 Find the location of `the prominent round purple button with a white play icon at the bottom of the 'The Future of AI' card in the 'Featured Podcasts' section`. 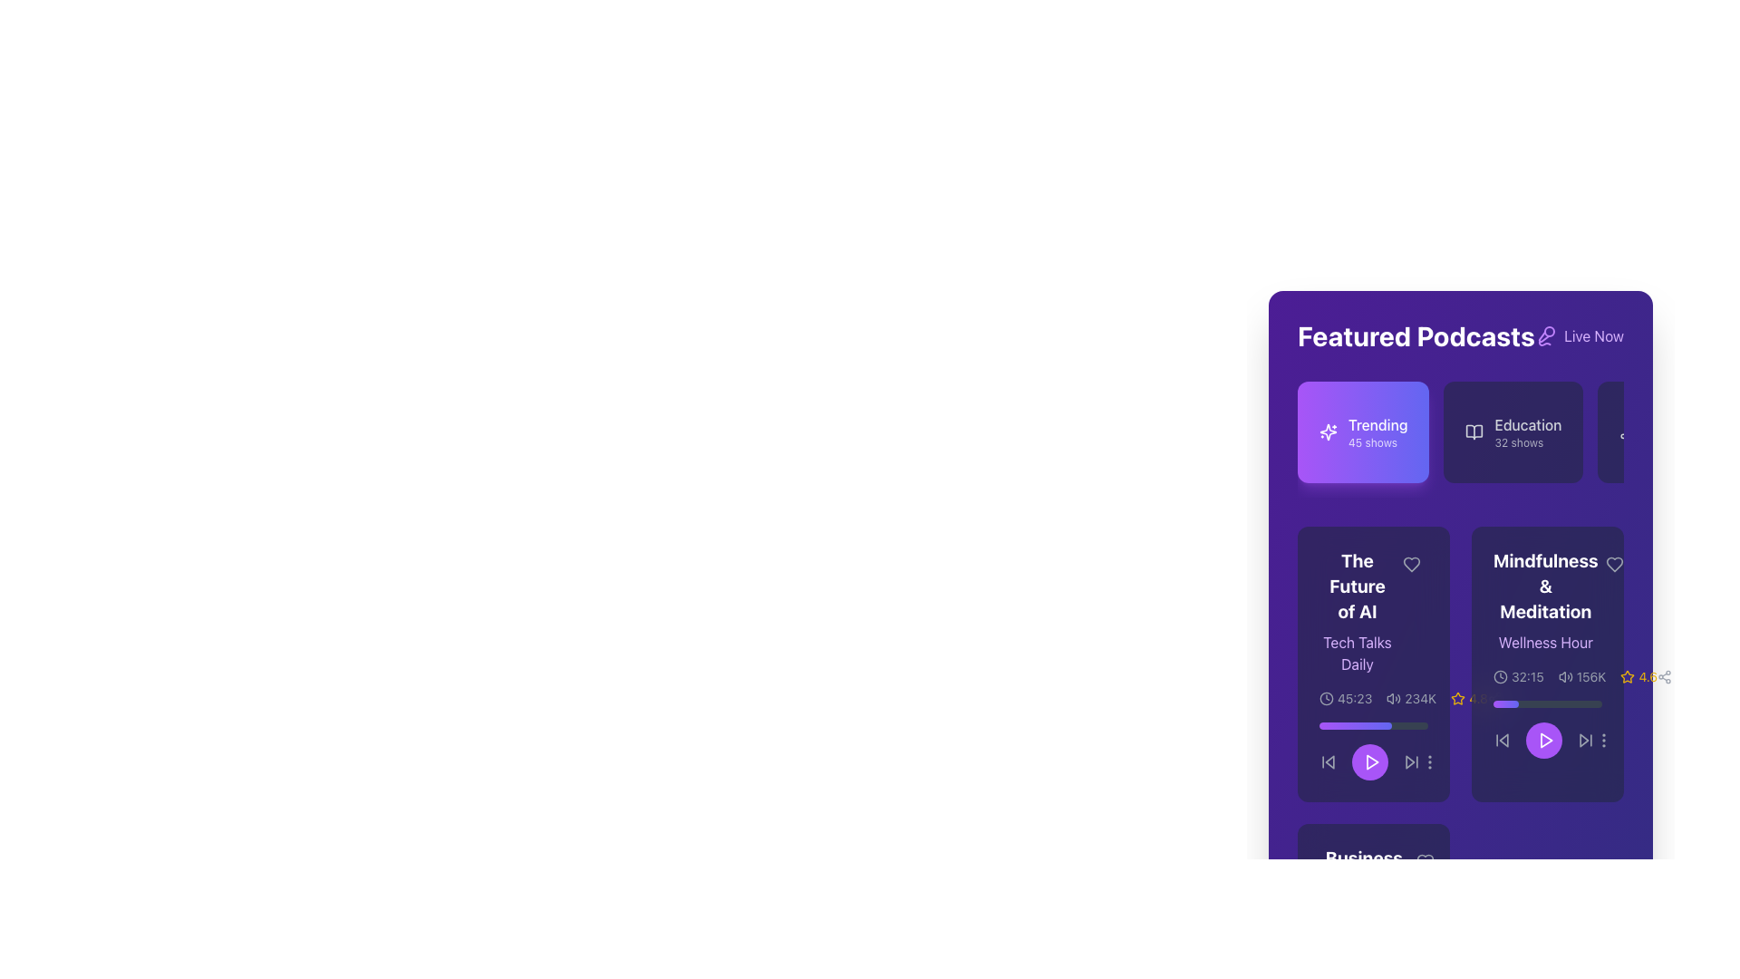

the prominent round purple button with a white play icon at the bottom of the 'The Future of AI' card in the 'Featured Podcasts' section is located at coordinates (1370, 761).